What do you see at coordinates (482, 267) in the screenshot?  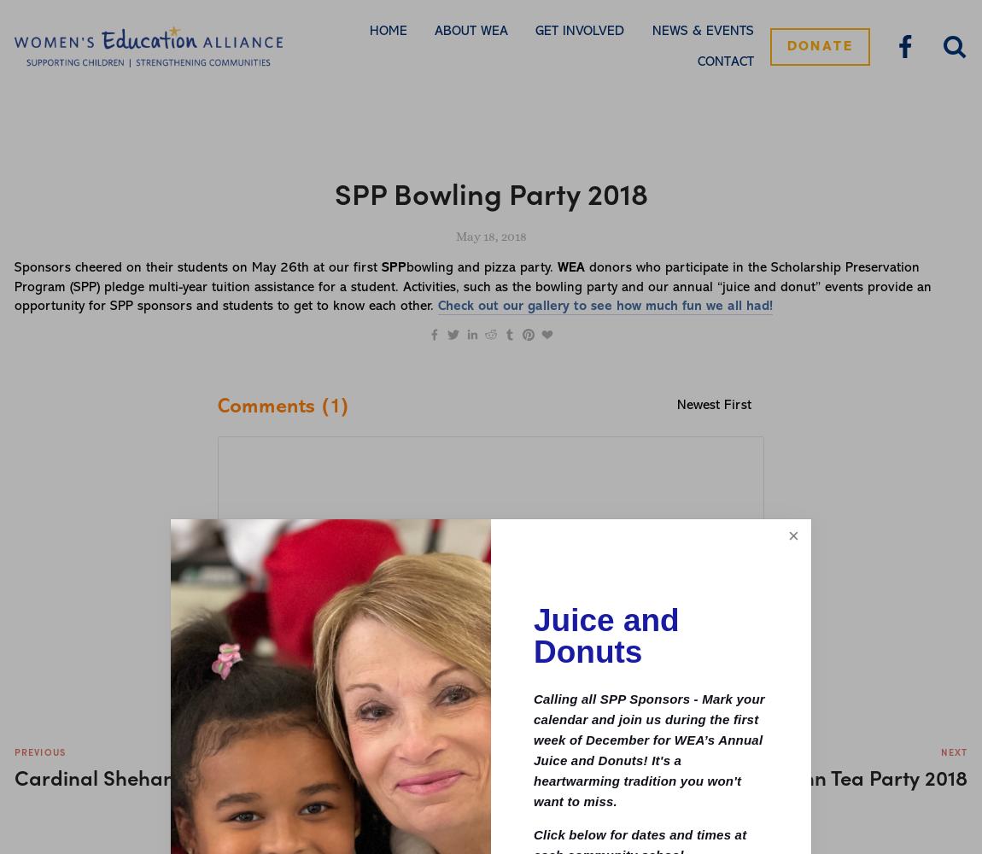 I see `'bowling and pizza party.'` at bounding box center [482, 267].